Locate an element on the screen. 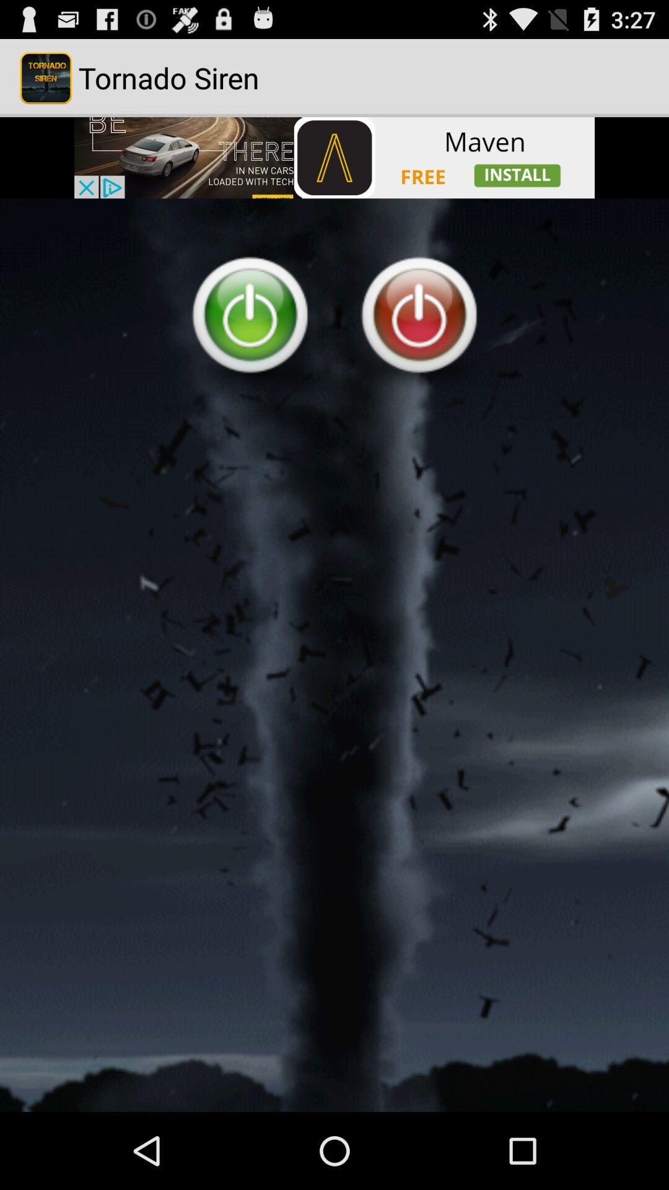 Image resolution: width=669 pixels, height=1190 pixels. backround picture is located at coordinates (334, 654).